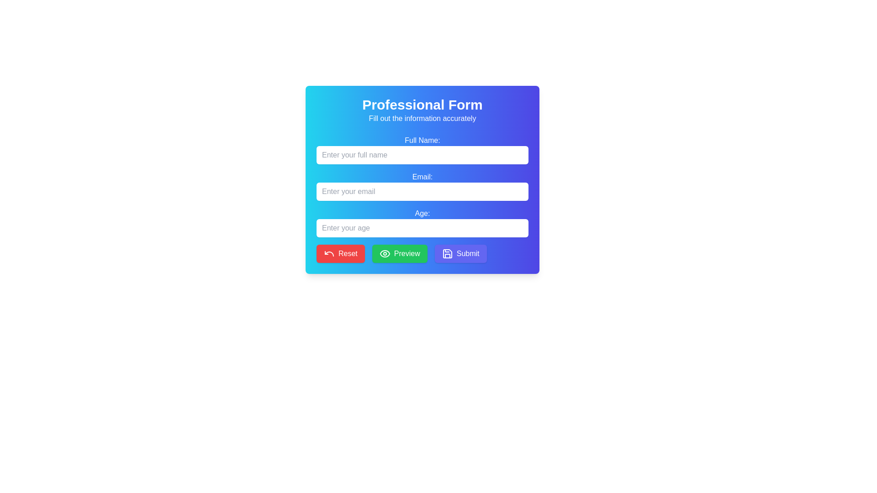  I want to click on the save icon within the 'Submit' button, which features a folder-like shape and a blue background, located at the bottom-right corner of the form interface, so click(447, 253).